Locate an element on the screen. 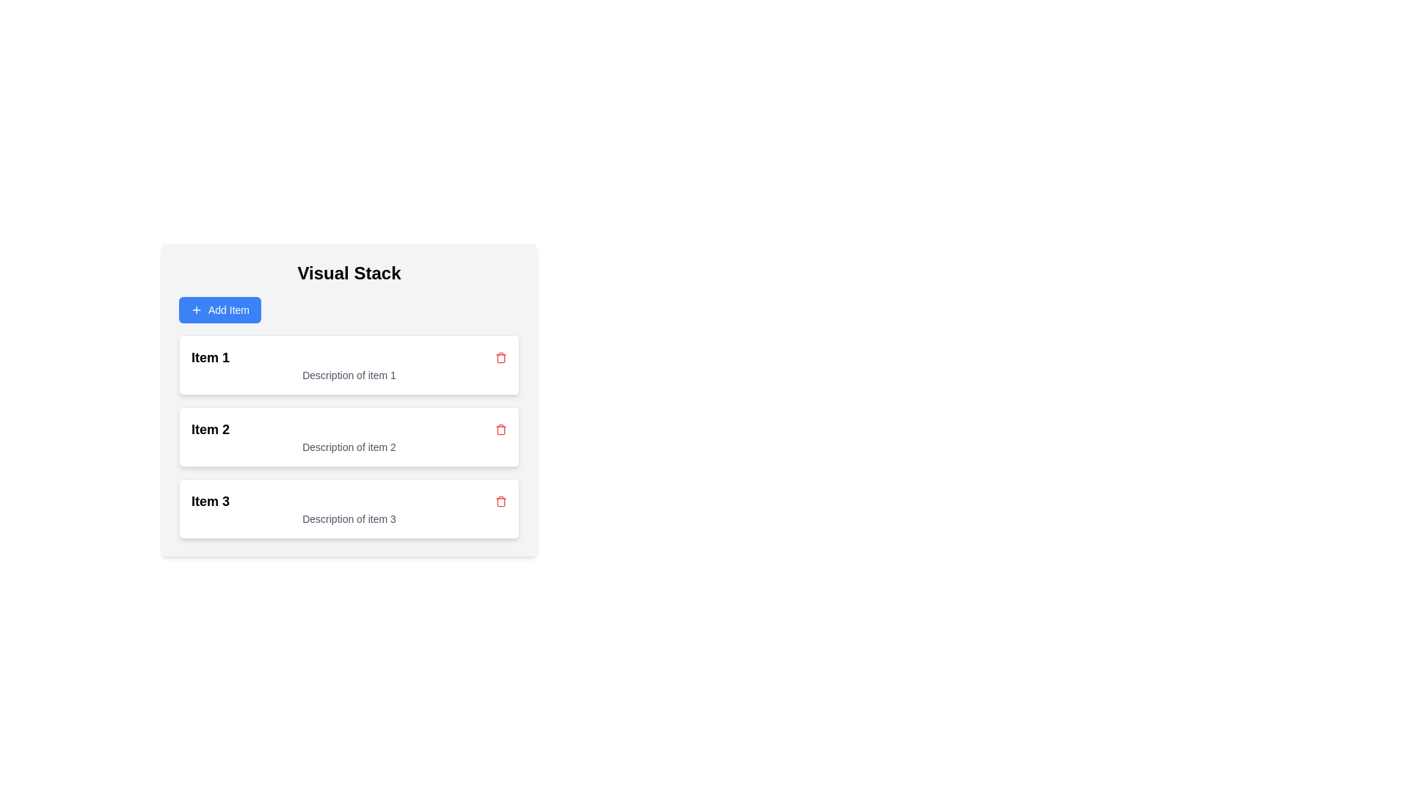 Image resolution: width=1409 pixels, height=792 pixels. the 'Add New Item' button located below the 'Visual Stack' header to provide visual feedback is located at coordinates (219, 309).